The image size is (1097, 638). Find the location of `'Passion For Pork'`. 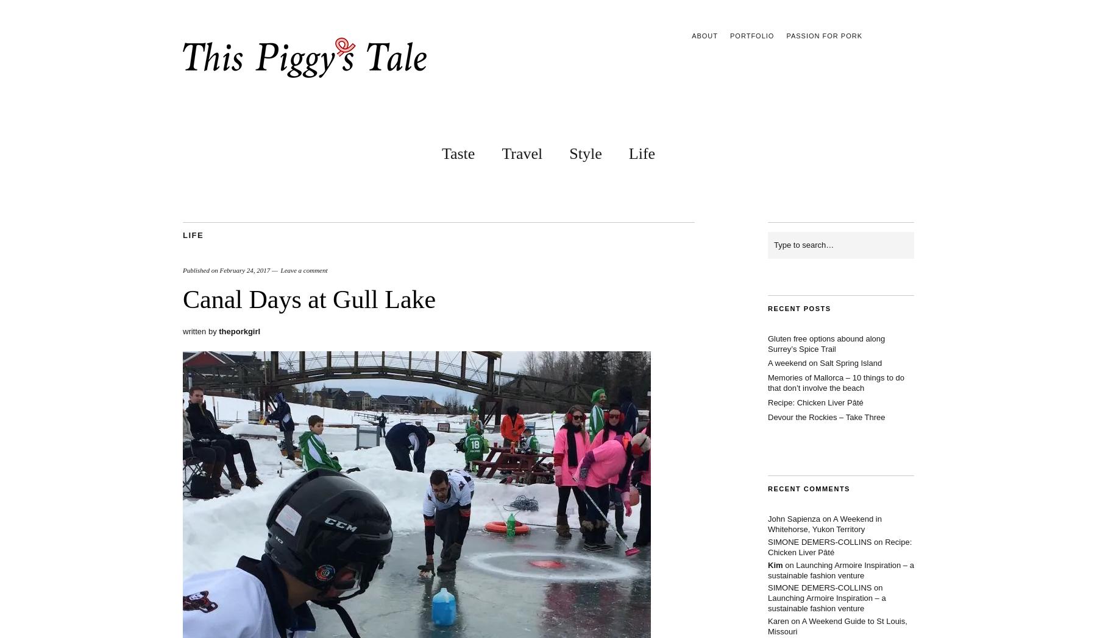

'Passion For Pork' is located at coordinates (823, 36).